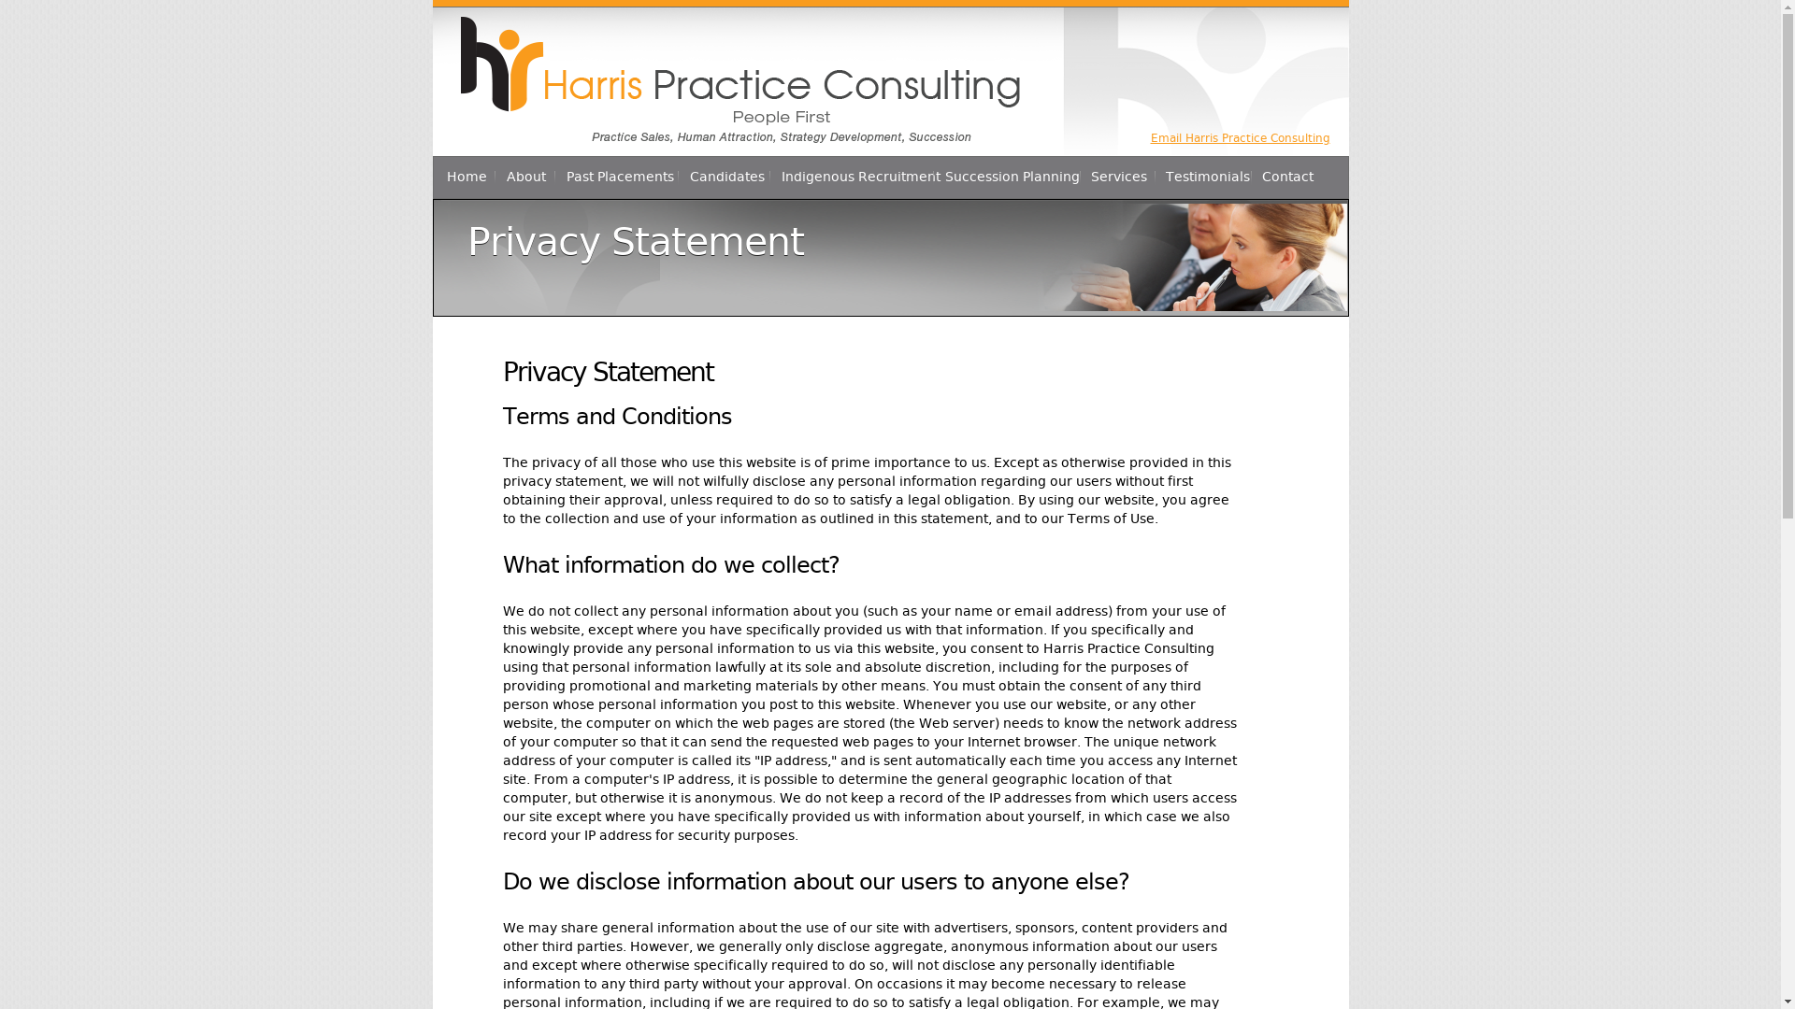 Image resolution: width=1795 pixels, height=1009 pixels. I want to click on 'Contact', so click(1285, 177).